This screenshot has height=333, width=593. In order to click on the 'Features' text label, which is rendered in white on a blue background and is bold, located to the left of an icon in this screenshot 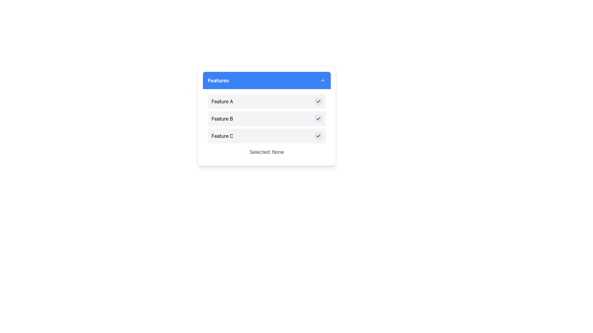, I will do `click(218, 80)`.